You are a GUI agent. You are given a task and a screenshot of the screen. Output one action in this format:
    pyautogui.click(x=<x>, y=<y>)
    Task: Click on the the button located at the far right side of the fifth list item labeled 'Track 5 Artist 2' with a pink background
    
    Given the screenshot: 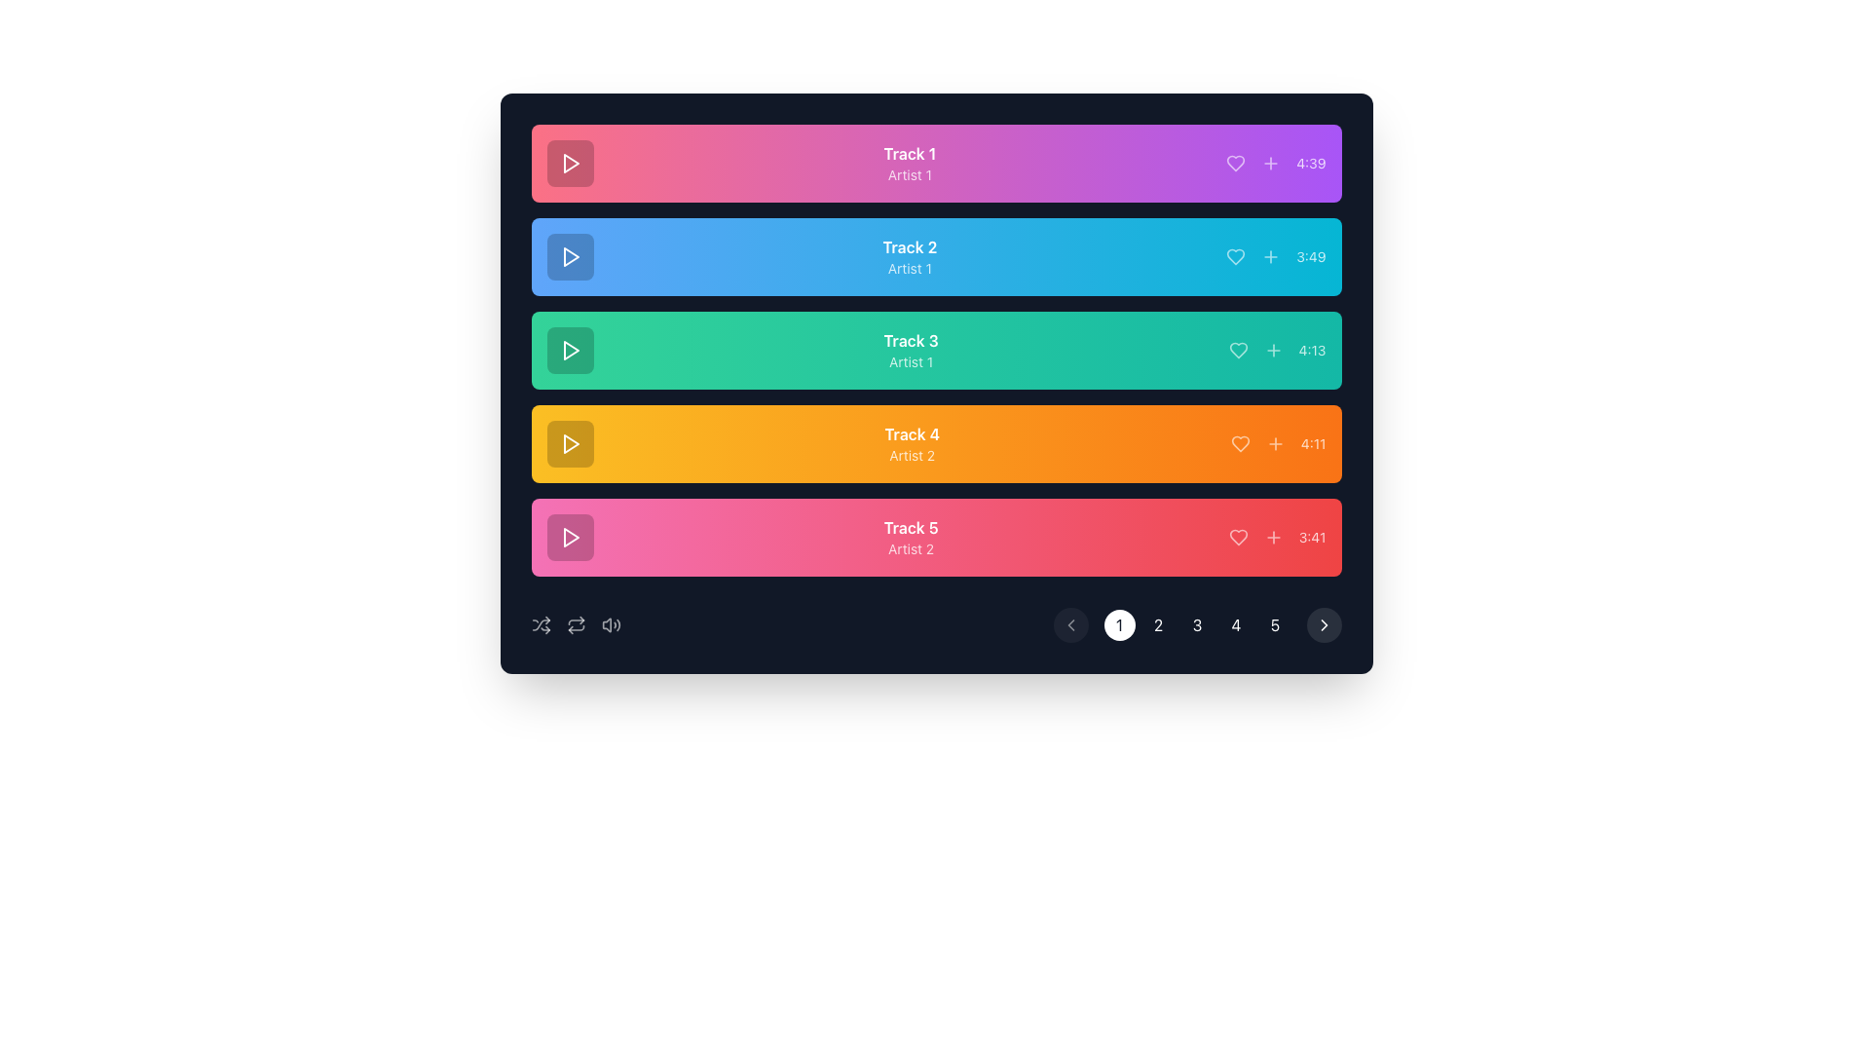 What is the action you would take?
    pyautogui.click(x=1273, y=537)
    